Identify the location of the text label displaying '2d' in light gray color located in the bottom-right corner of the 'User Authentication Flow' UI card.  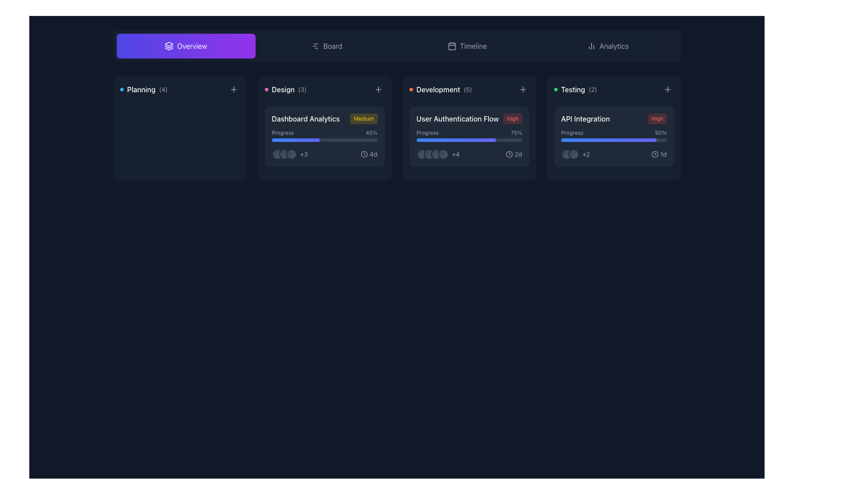
(518, 153).